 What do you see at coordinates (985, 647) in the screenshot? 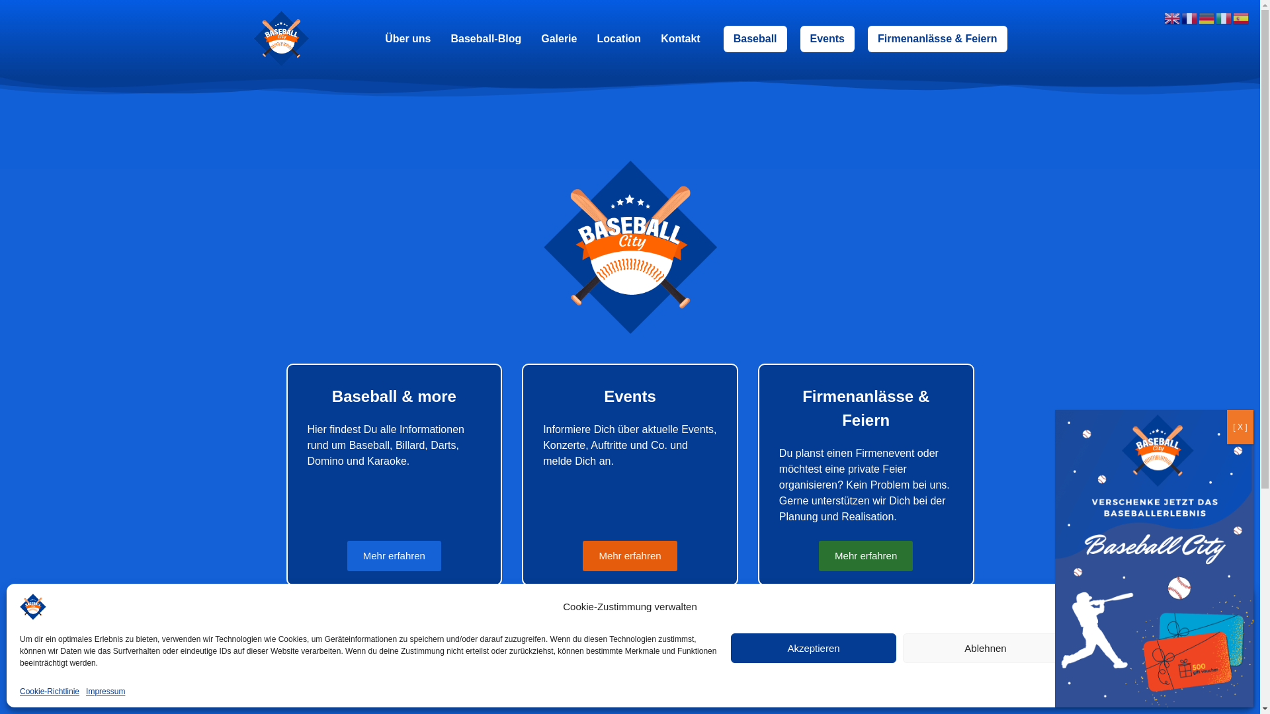
I see `'Ablehnen'` at bounding box center [985, 647].